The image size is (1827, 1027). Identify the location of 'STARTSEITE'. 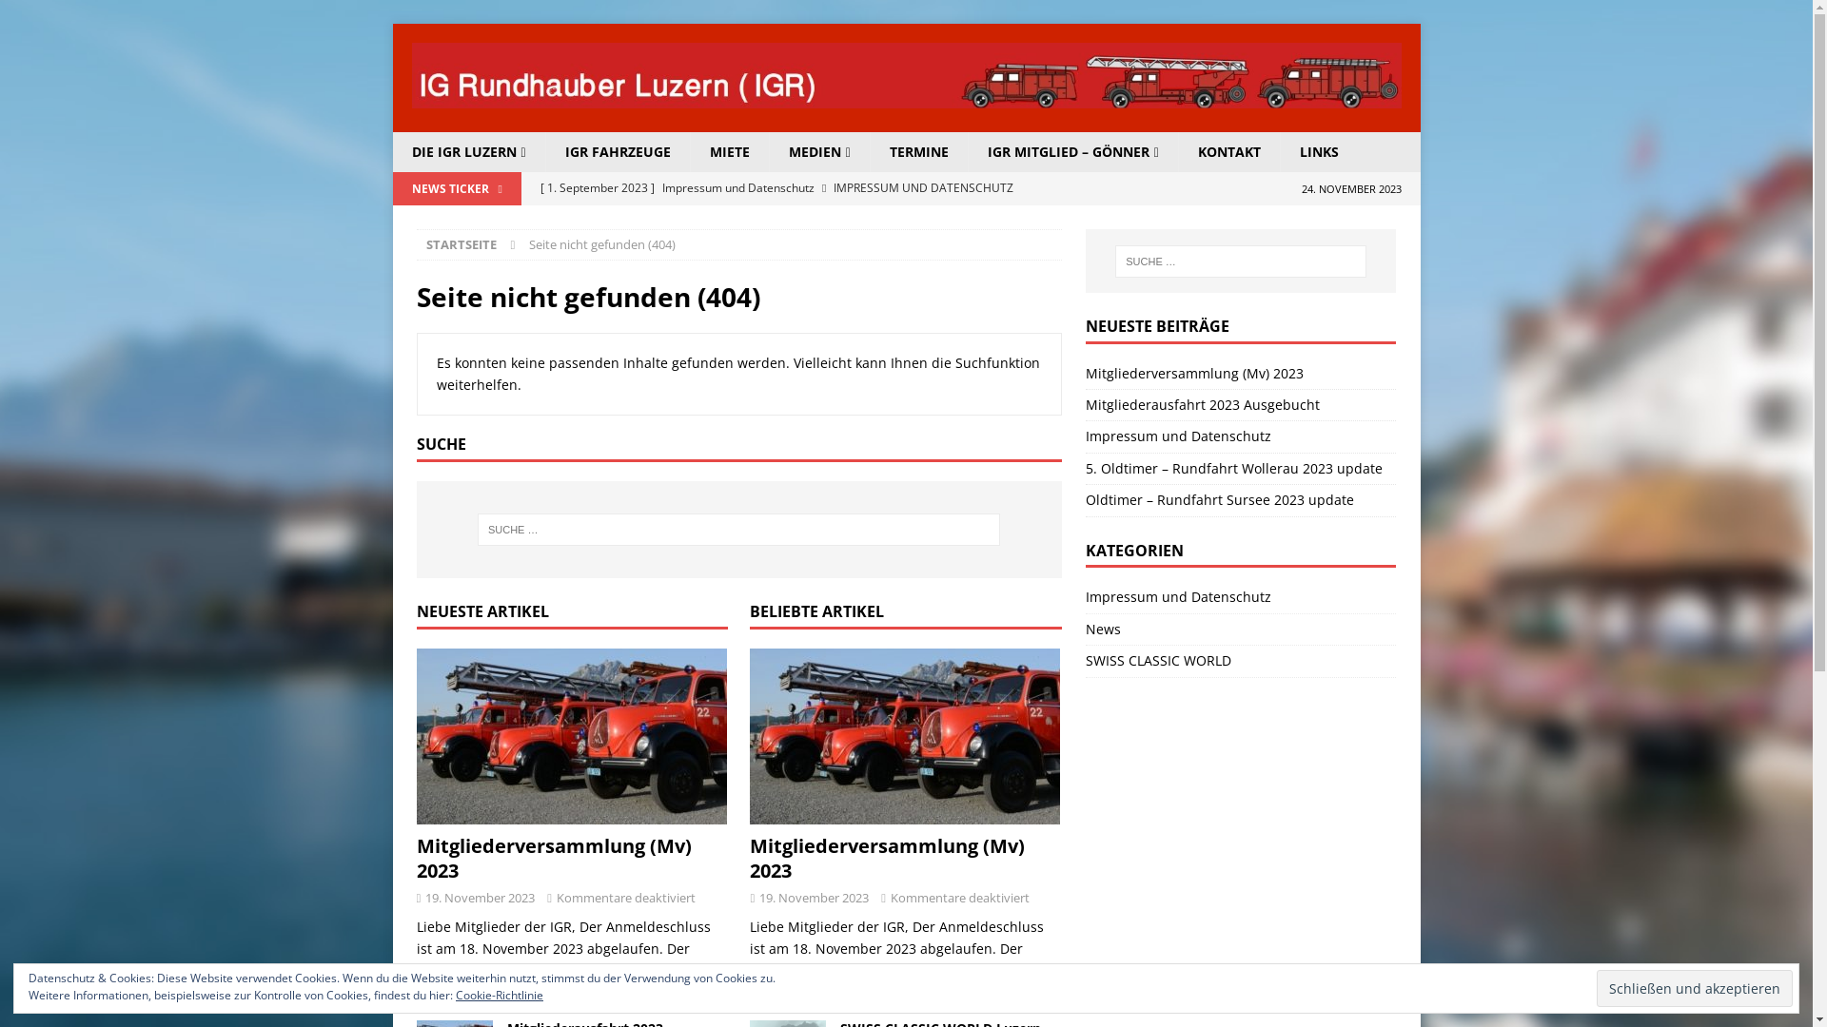
(461, 243).